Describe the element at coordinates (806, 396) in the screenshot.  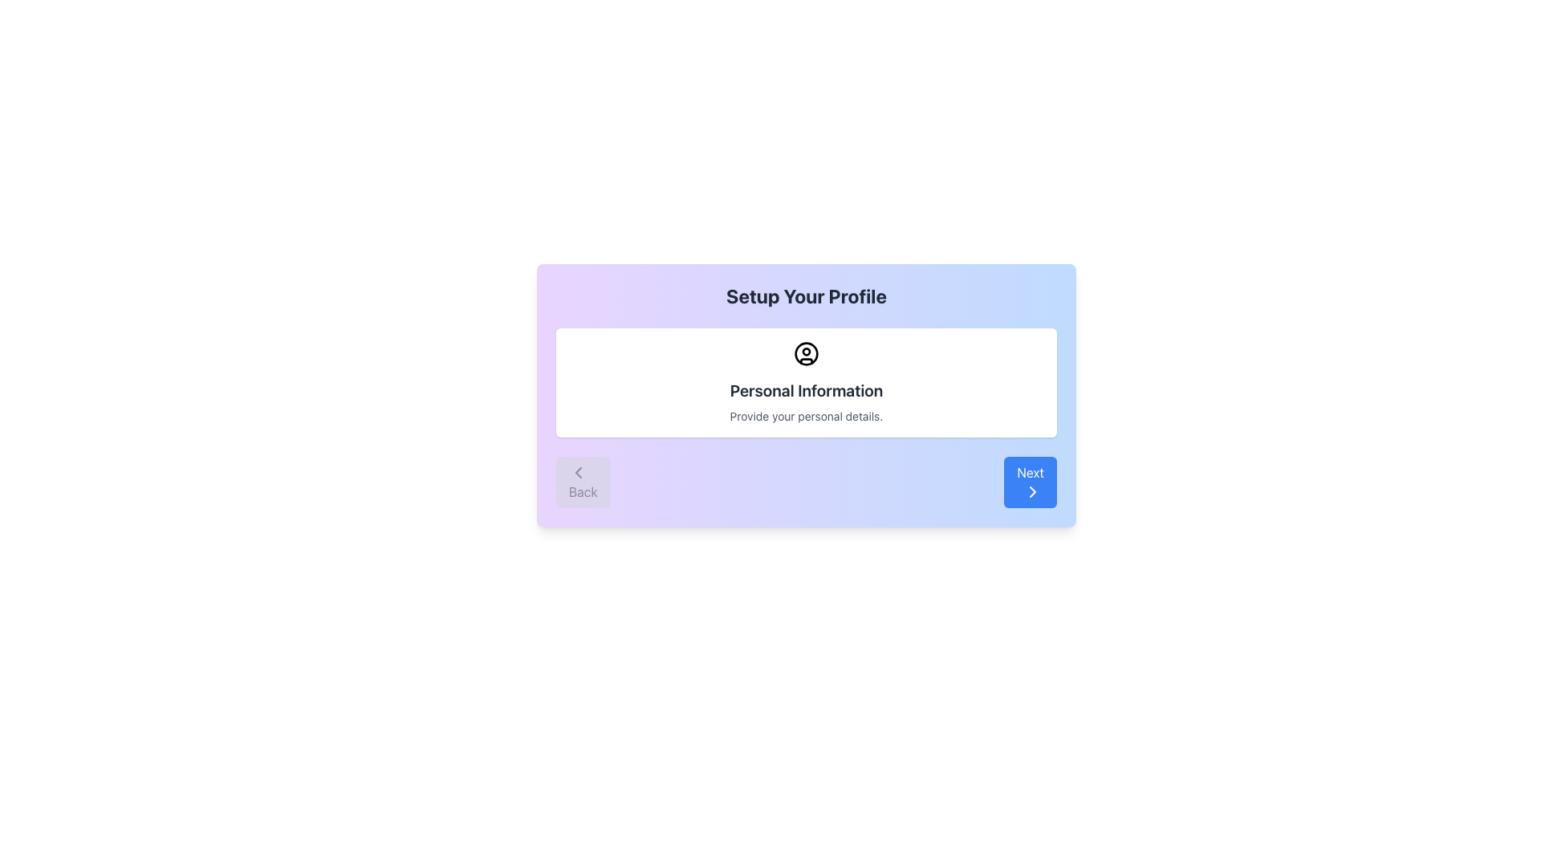
I see `information provided in the profile setup step, which includes the contextual prompt and navigation buttons located at the center of the card layout` at that location.